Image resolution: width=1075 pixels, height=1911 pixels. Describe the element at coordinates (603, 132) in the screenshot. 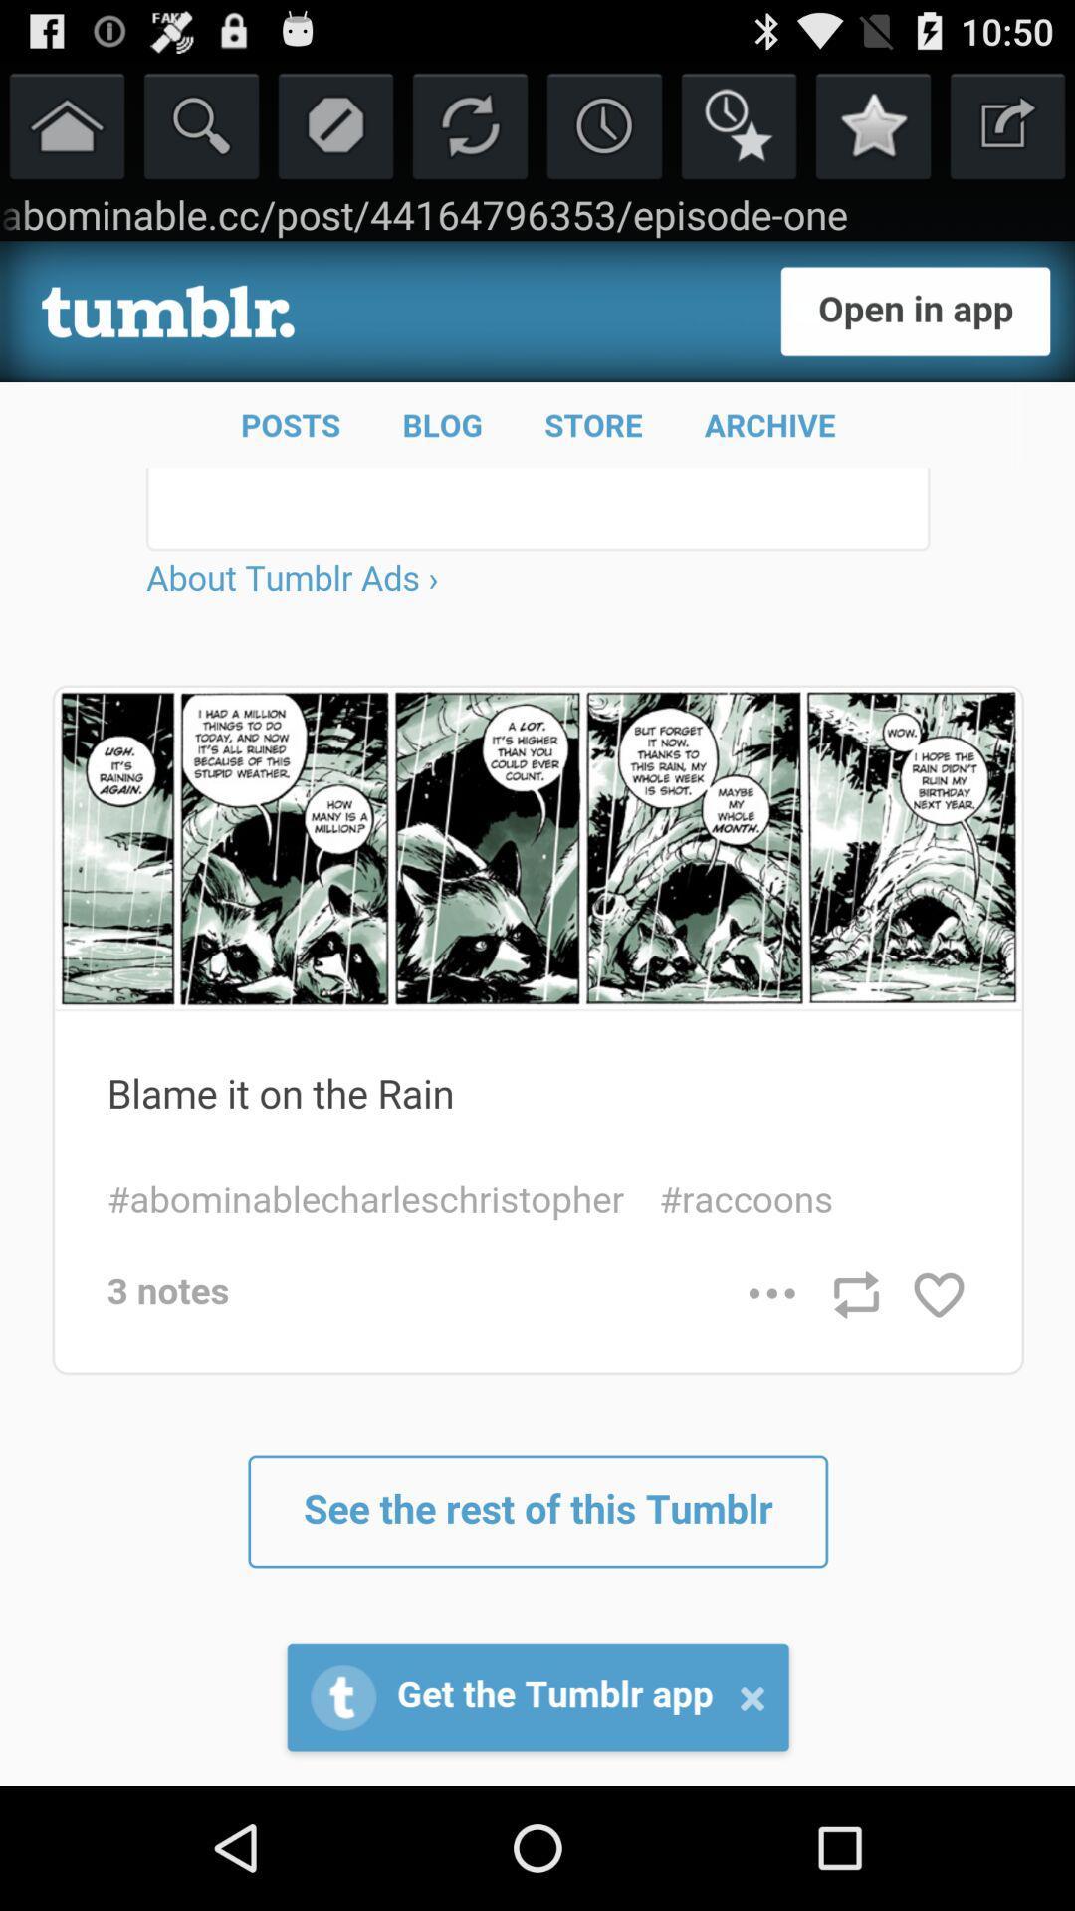

I see `the time icon` at that location.